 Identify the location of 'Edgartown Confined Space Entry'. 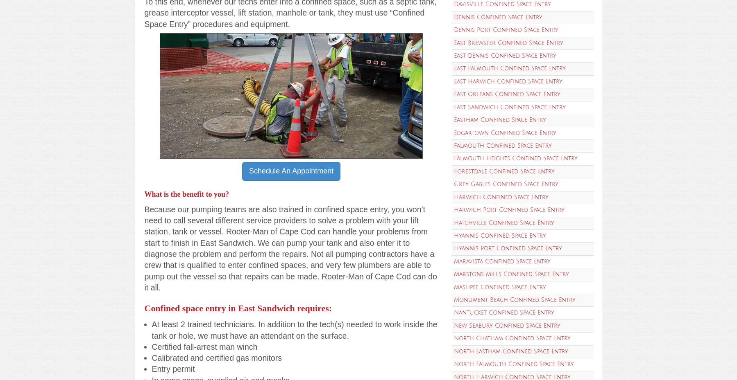
(504, 133).